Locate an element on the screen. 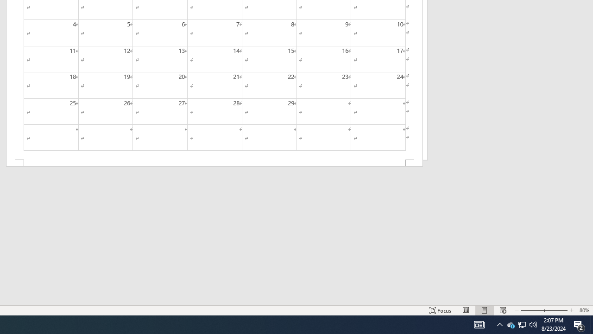 Image resolution: width=593 pixels, height=334 pixels. 'Web Layout' is located at coordinates (503, 310).